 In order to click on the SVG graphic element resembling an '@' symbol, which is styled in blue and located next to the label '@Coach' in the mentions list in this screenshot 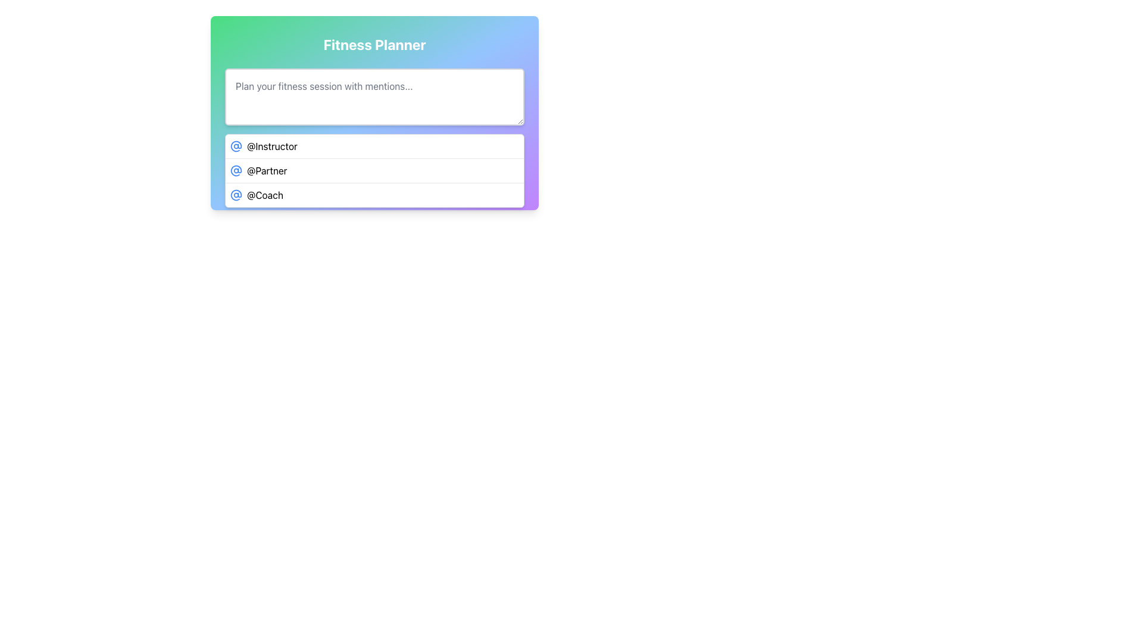, I will do `click(236, 194)`.